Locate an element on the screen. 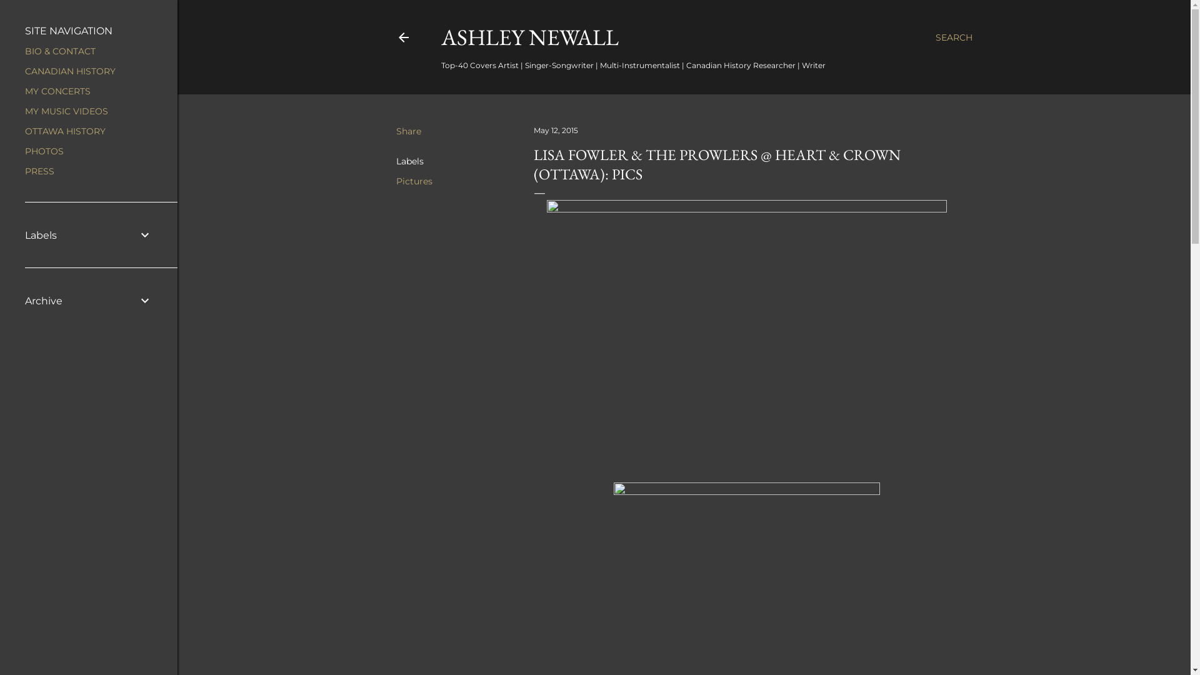 This screenshot has width=1200, height=675. 'Share' is located at coordinates (395, 131).